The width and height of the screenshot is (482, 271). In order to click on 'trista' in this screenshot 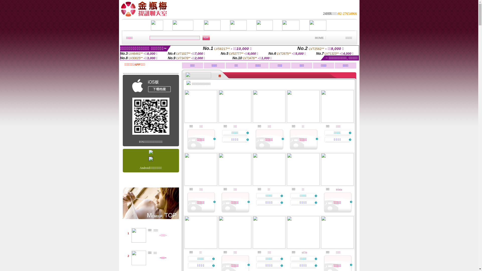, I will do `click(339, 189)`.